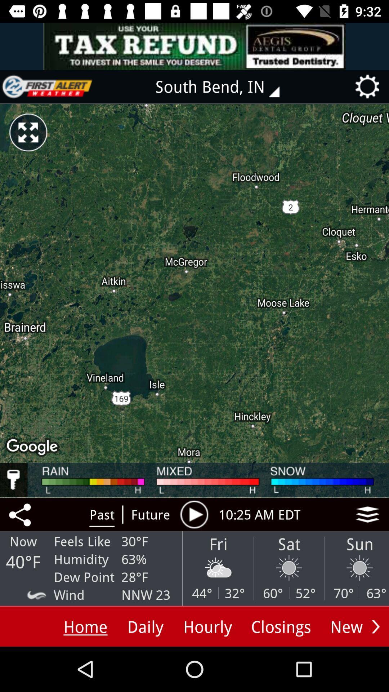 The image size is (389, 692). What do you see at coordinates (194, 46) in the screenshot?
I see `advertisement` at bounding box center [194, 46].